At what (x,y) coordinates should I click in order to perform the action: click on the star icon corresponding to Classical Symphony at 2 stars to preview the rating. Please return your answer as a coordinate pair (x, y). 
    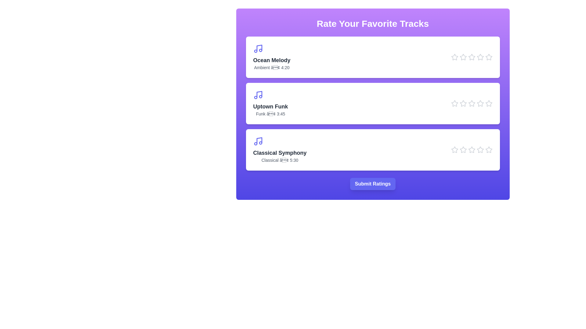
    Looking at the image, I should click on (463, 150).